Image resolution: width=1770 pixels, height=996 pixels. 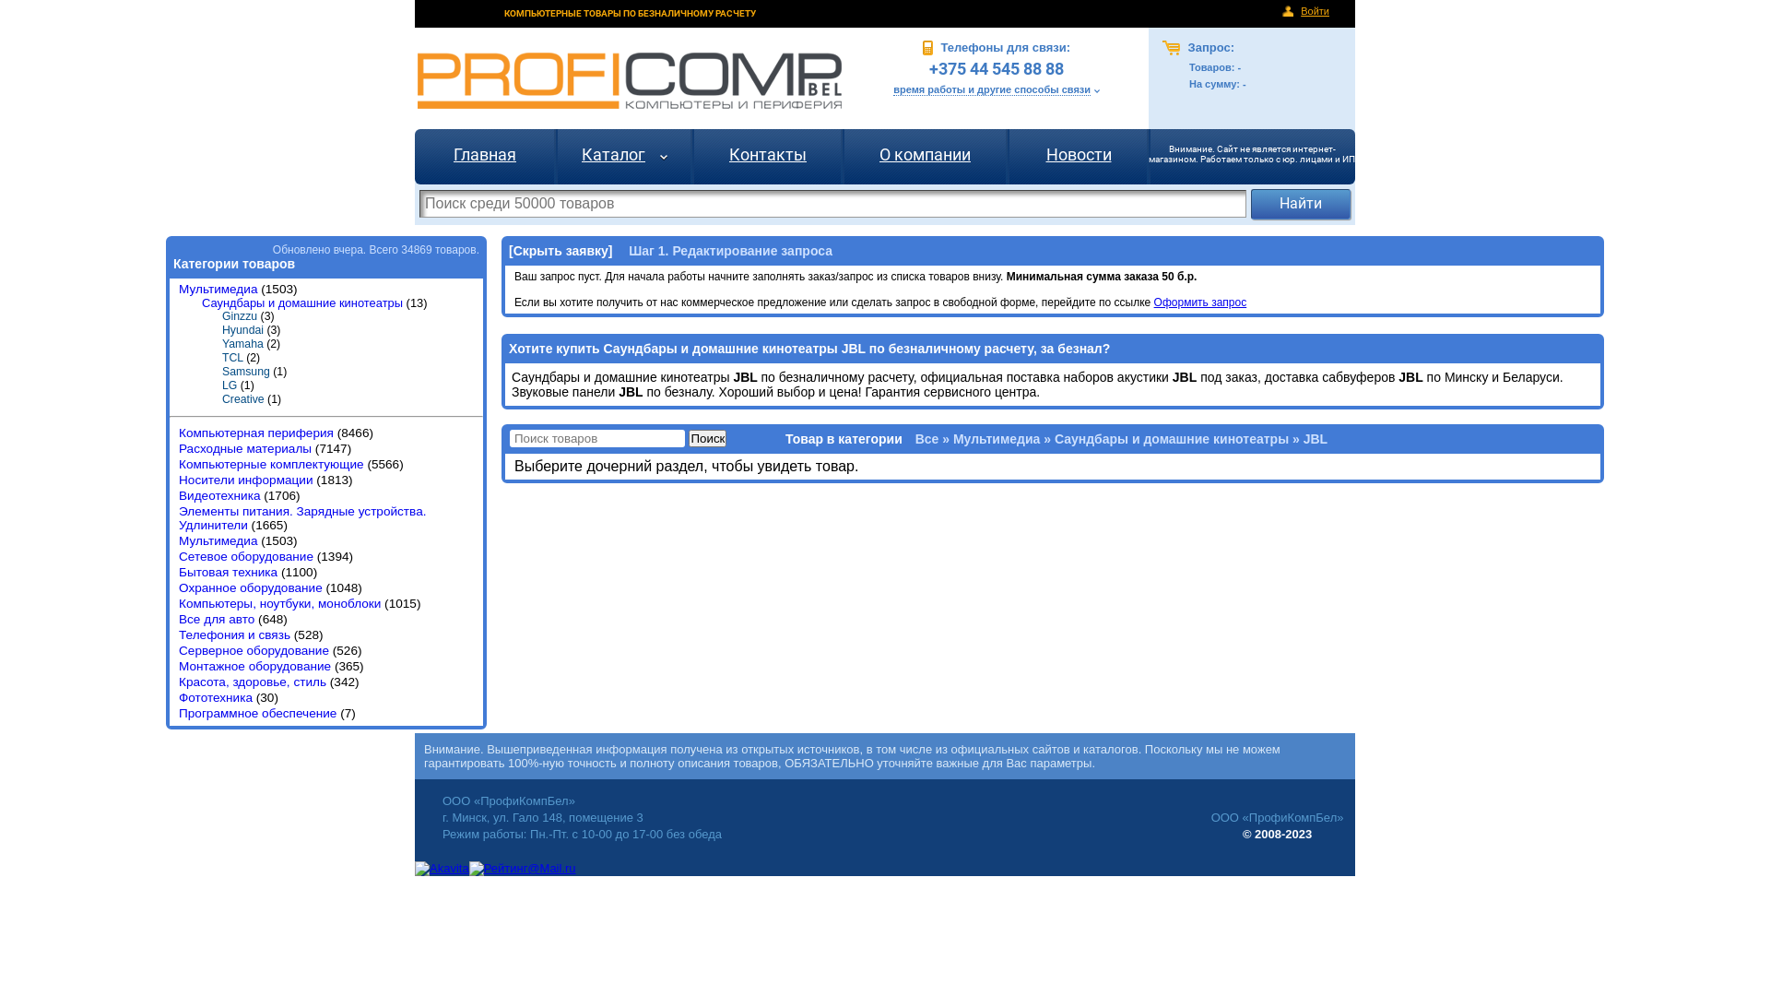 What do you see at coordinates (238, 315) in the screenshot?
I see `'Ginzzu'` at bounding box center [238, 315].